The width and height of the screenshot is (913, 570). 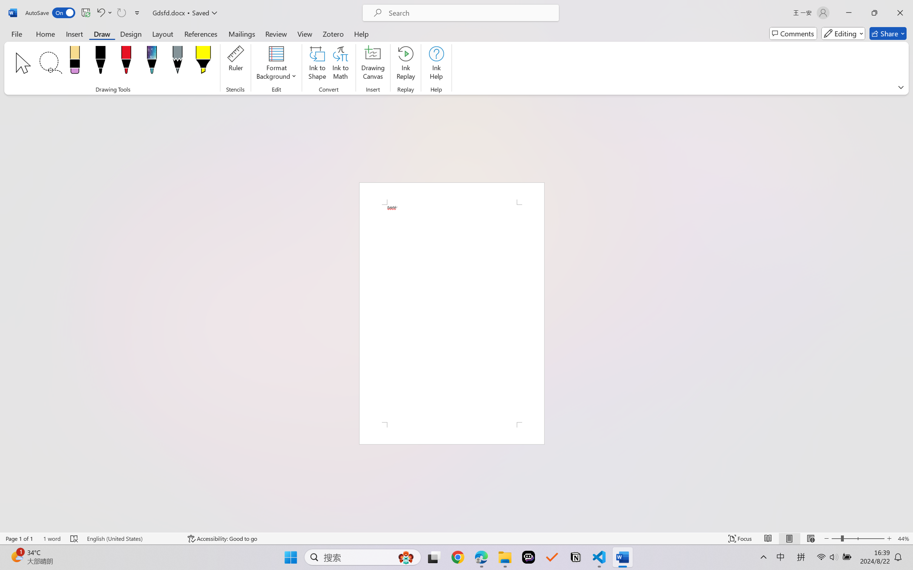 I want to click on 'Action Center, 1 new notification', so click(x=902, y=561).